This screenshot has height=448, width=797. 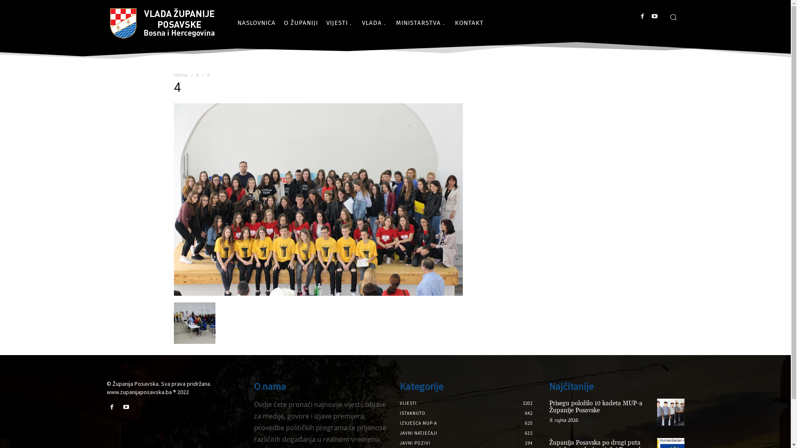 I want to click on 'MINISTARSTVA', so click(x=421, y=22).